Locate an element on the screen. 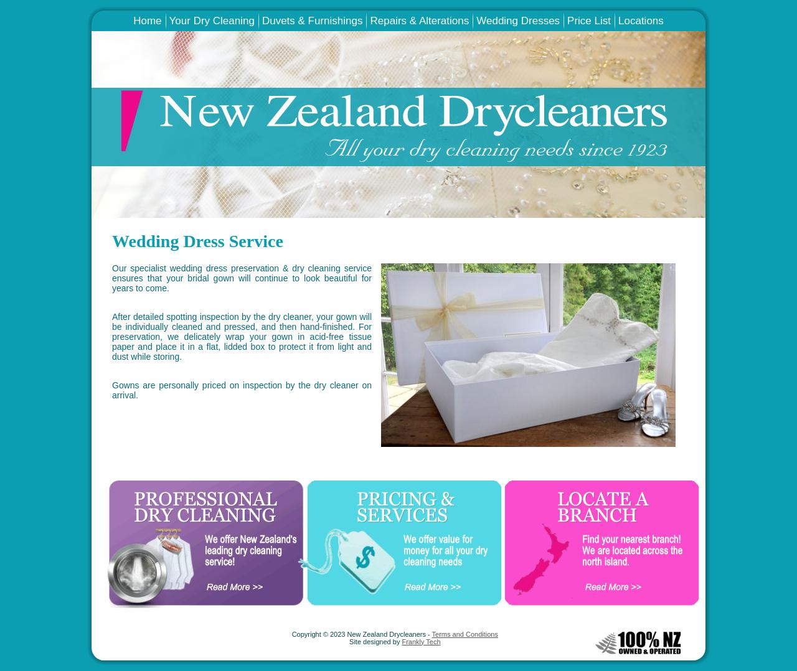  'Repairs & Alterations' is located at coordinates (419, 20).